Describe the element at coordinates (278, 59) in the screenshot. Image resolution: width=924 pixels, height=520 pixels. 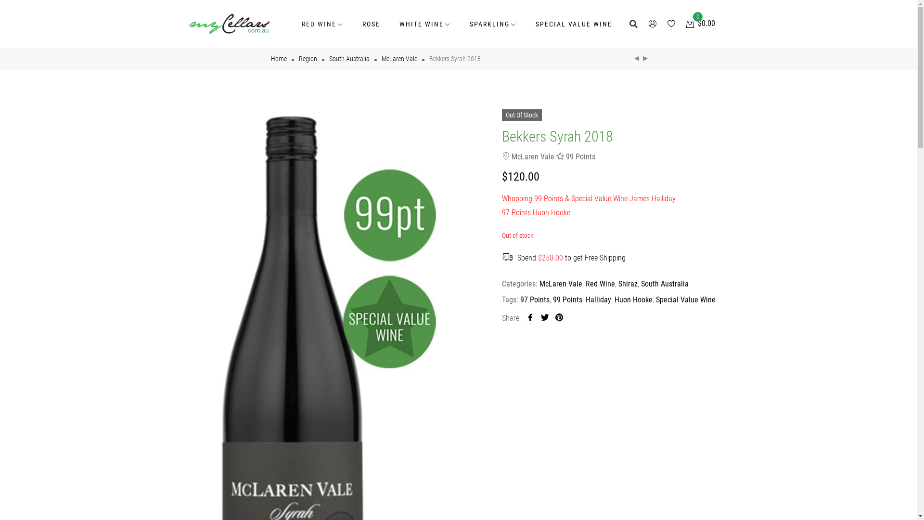
I see `'Home'` at that location.